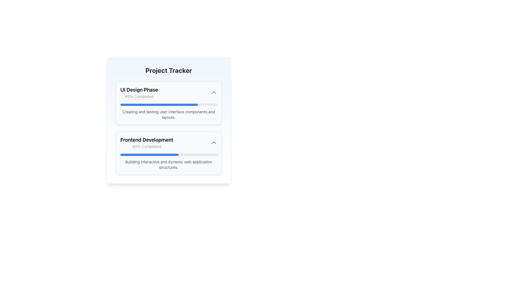  What do you see at coordinates (214, 142) in the screenshot?
I see `the upward-pointing chevron icon styled with gray color located at the rightmost end of the 'Frontend Development' section` at bounding box center [214, 142].